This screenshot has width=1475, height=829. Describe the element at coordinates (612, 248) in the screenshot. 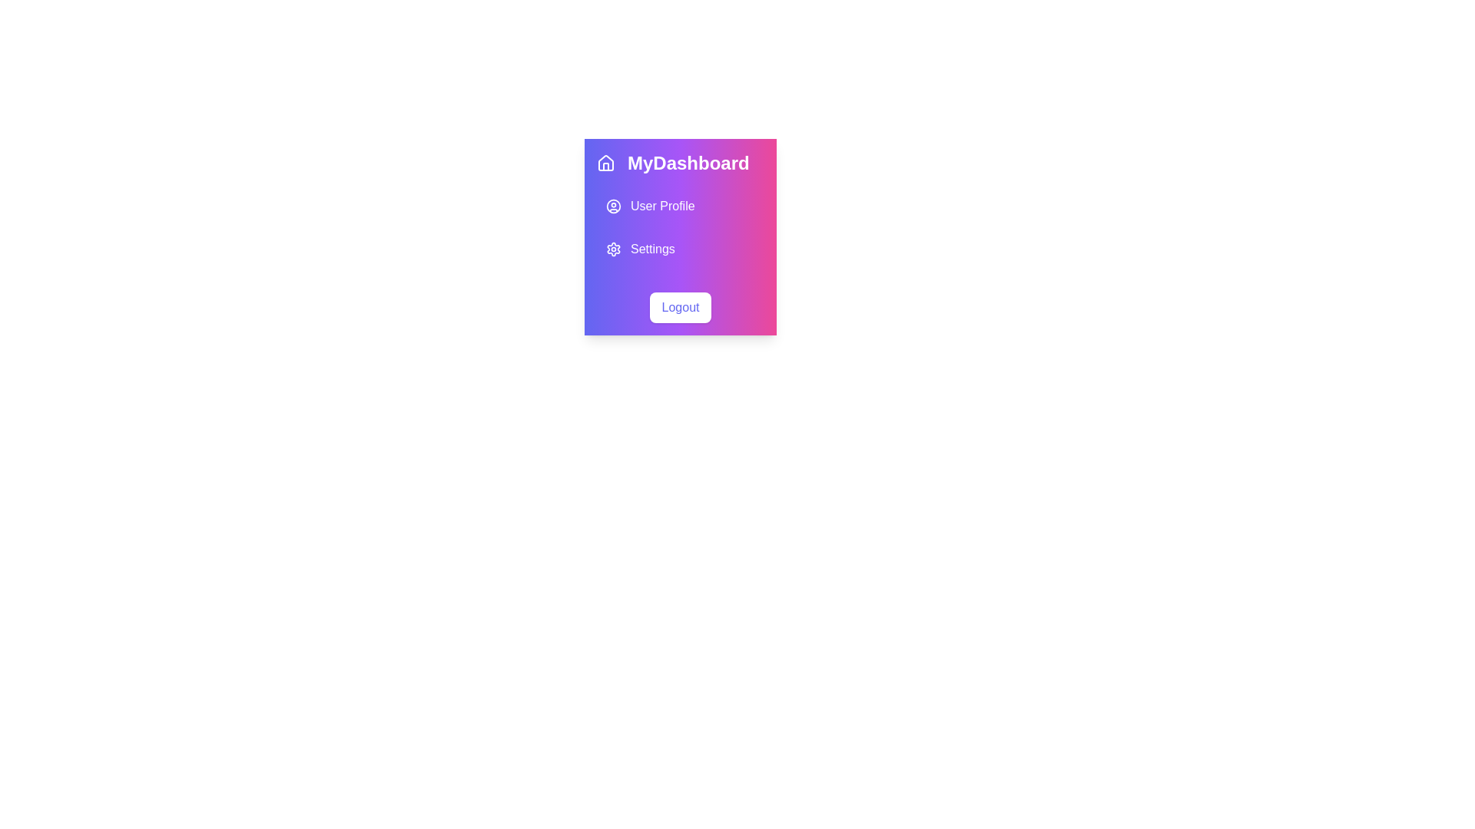

I see `the gear-shaped icon with a white outline and hollow center, located in the 'Settings' menu of the sidebar, next to the text 'Settings'` at that location.